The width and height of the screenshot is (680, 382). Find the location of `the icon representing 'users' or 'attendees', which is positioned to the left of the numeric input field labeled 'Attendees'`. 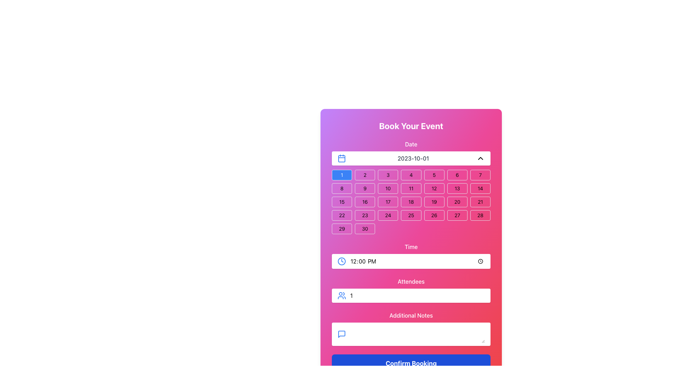

the icon representing 'users' or 'attendees', which is positioned to the left of the numeric input field labeled 'Attendees' is located at coordinates (341, 296).